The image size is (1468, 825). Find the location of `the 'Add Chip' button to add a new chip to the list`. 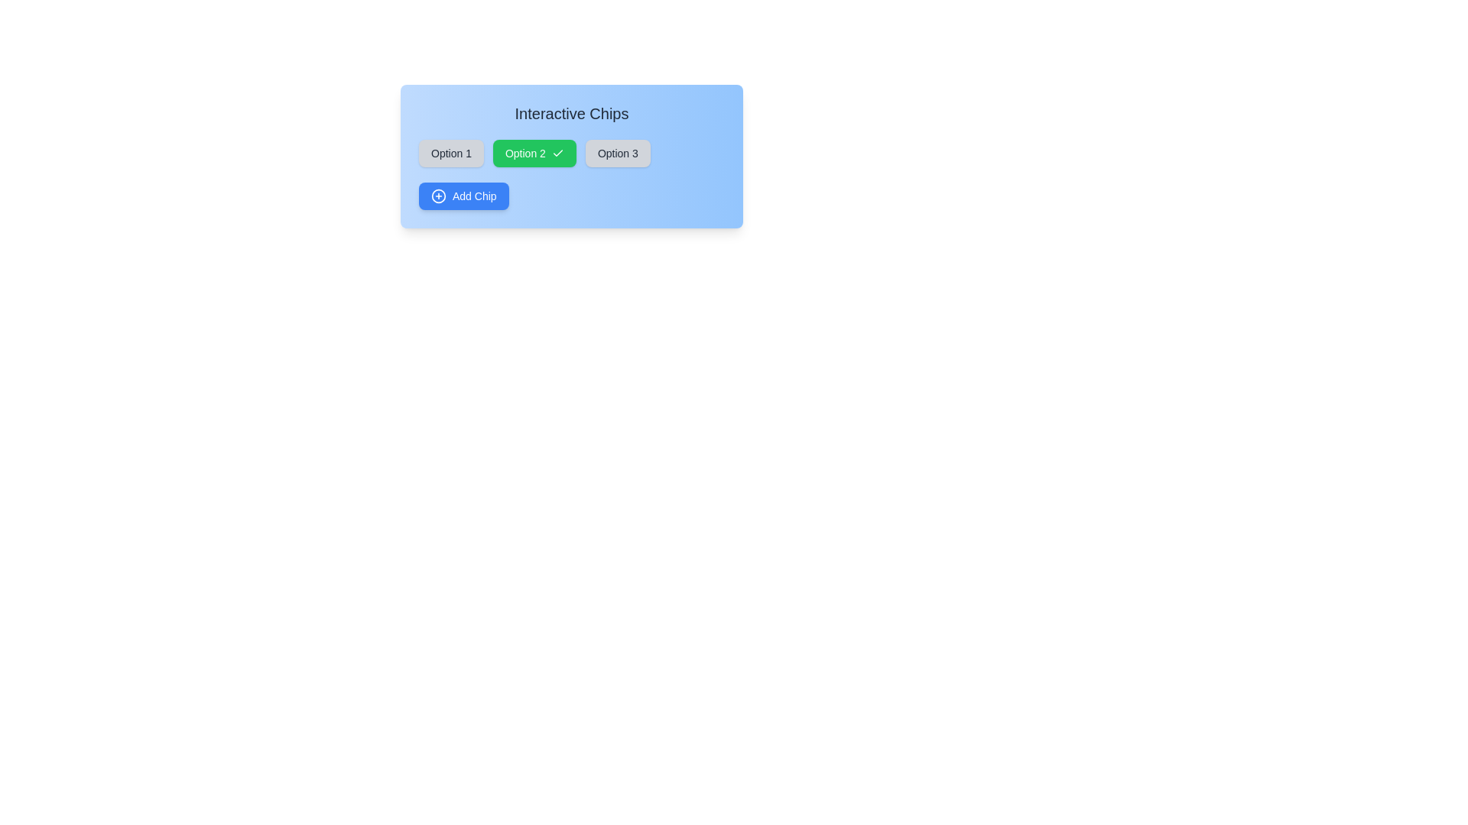

the 'Add Chip' button to add a new chip to the list is located at coordinates (463, 196).